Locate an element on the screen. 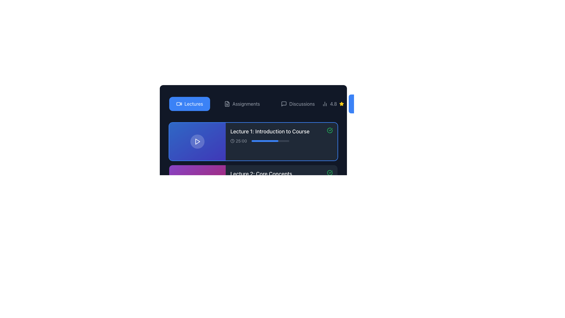 Image resolution: width=565 pixels, height=318 pixels. the first lecture entry in the list is located at coordinates (253, 142).